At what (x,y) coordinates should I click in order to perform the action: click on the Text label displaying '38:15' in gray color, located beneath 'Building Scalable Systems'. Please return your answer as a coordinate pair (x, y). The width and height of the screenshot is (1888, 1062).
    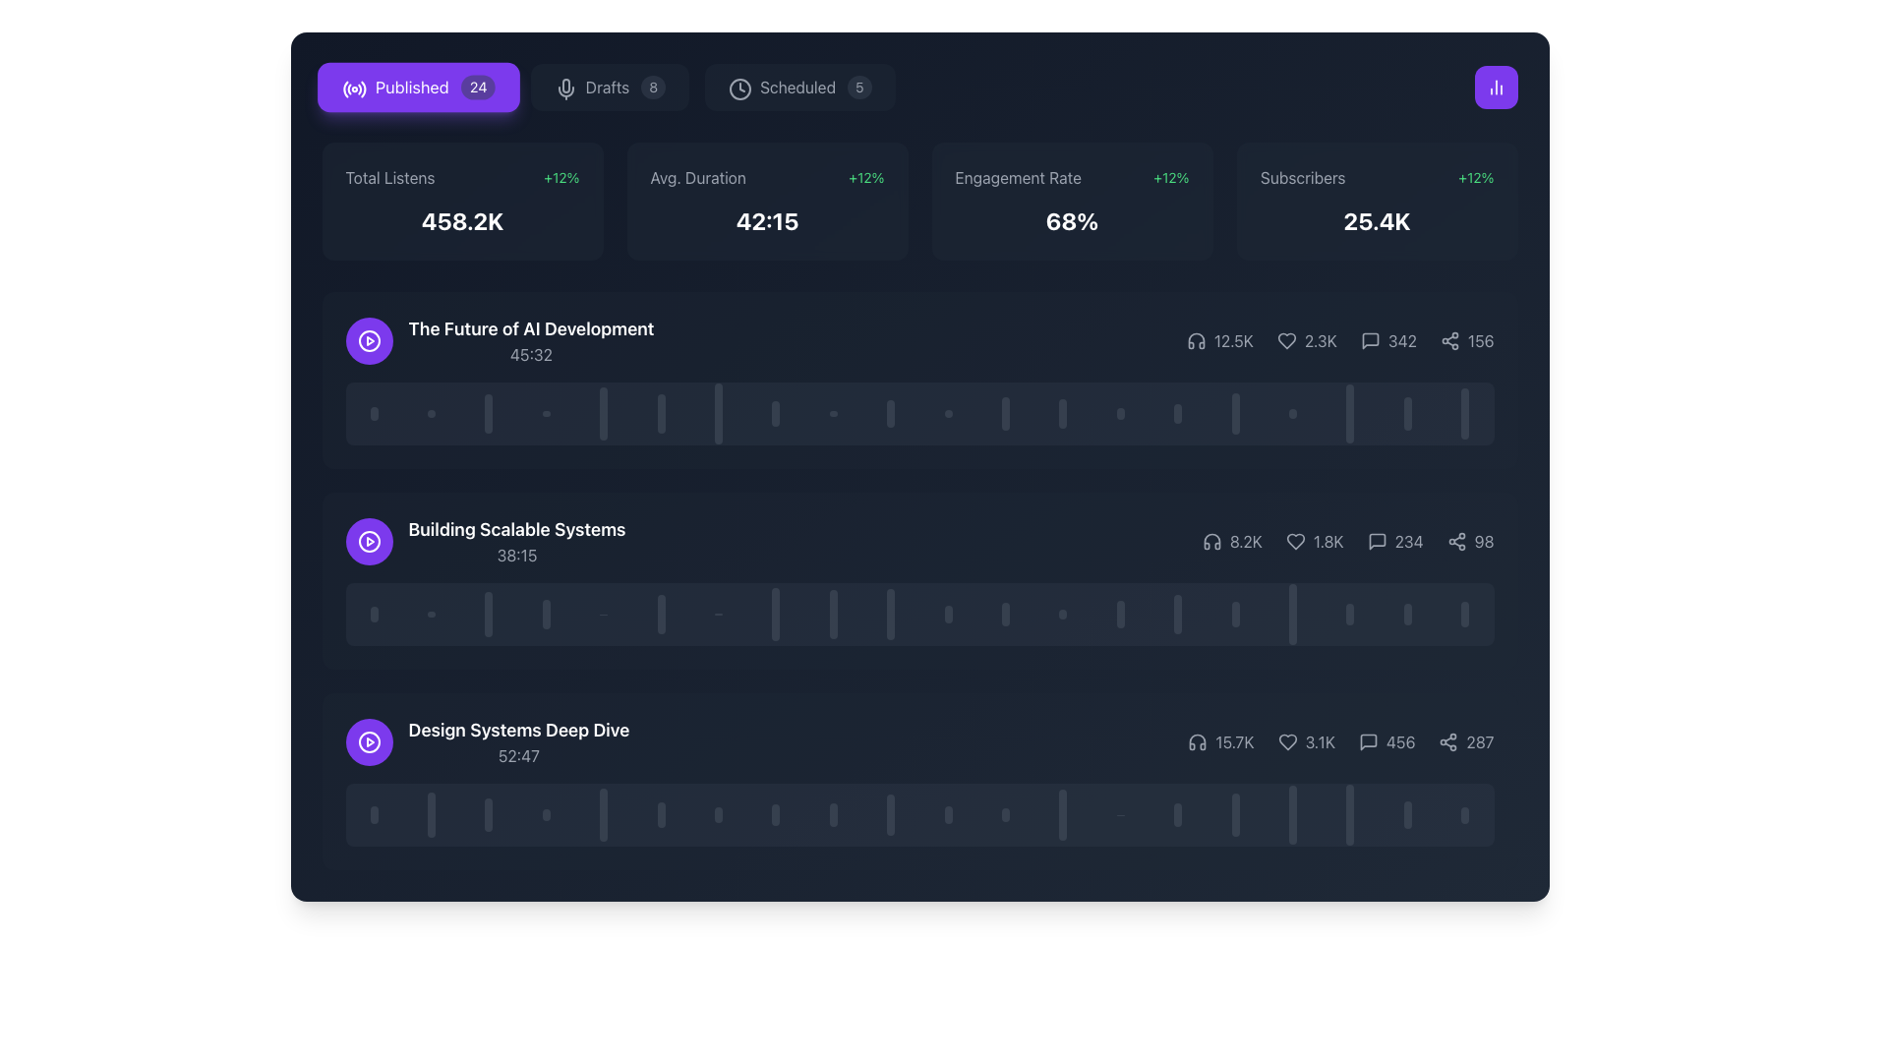
    Looking at the image, I should click on (517, 555).